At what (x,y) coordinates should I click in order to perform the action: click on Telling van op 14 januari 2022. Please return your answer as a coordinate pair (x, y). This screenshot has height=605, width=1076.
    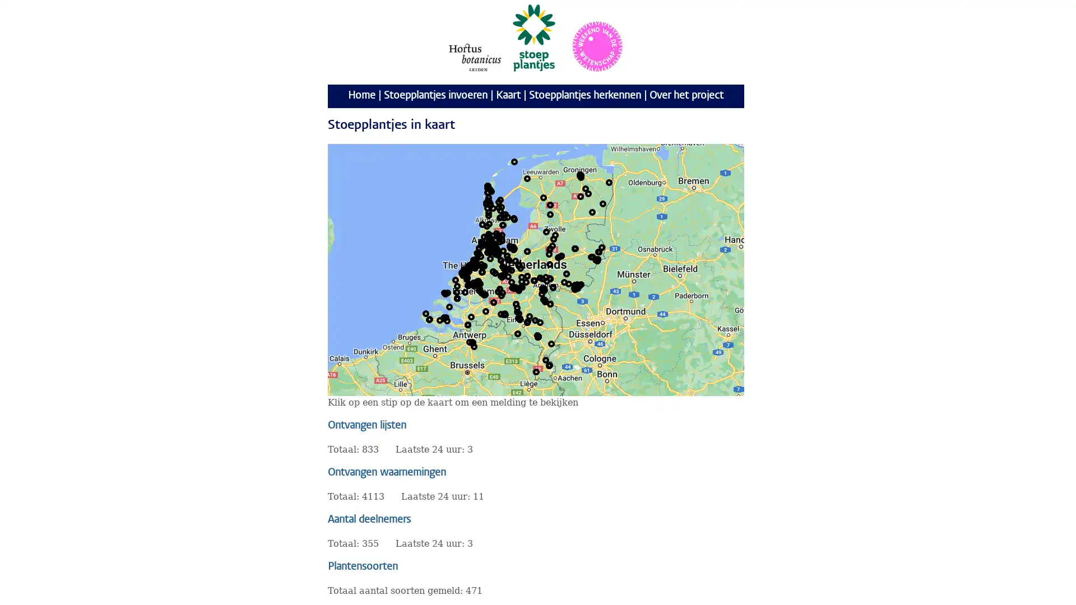
    Looking at the image, I should click on (489, 248).